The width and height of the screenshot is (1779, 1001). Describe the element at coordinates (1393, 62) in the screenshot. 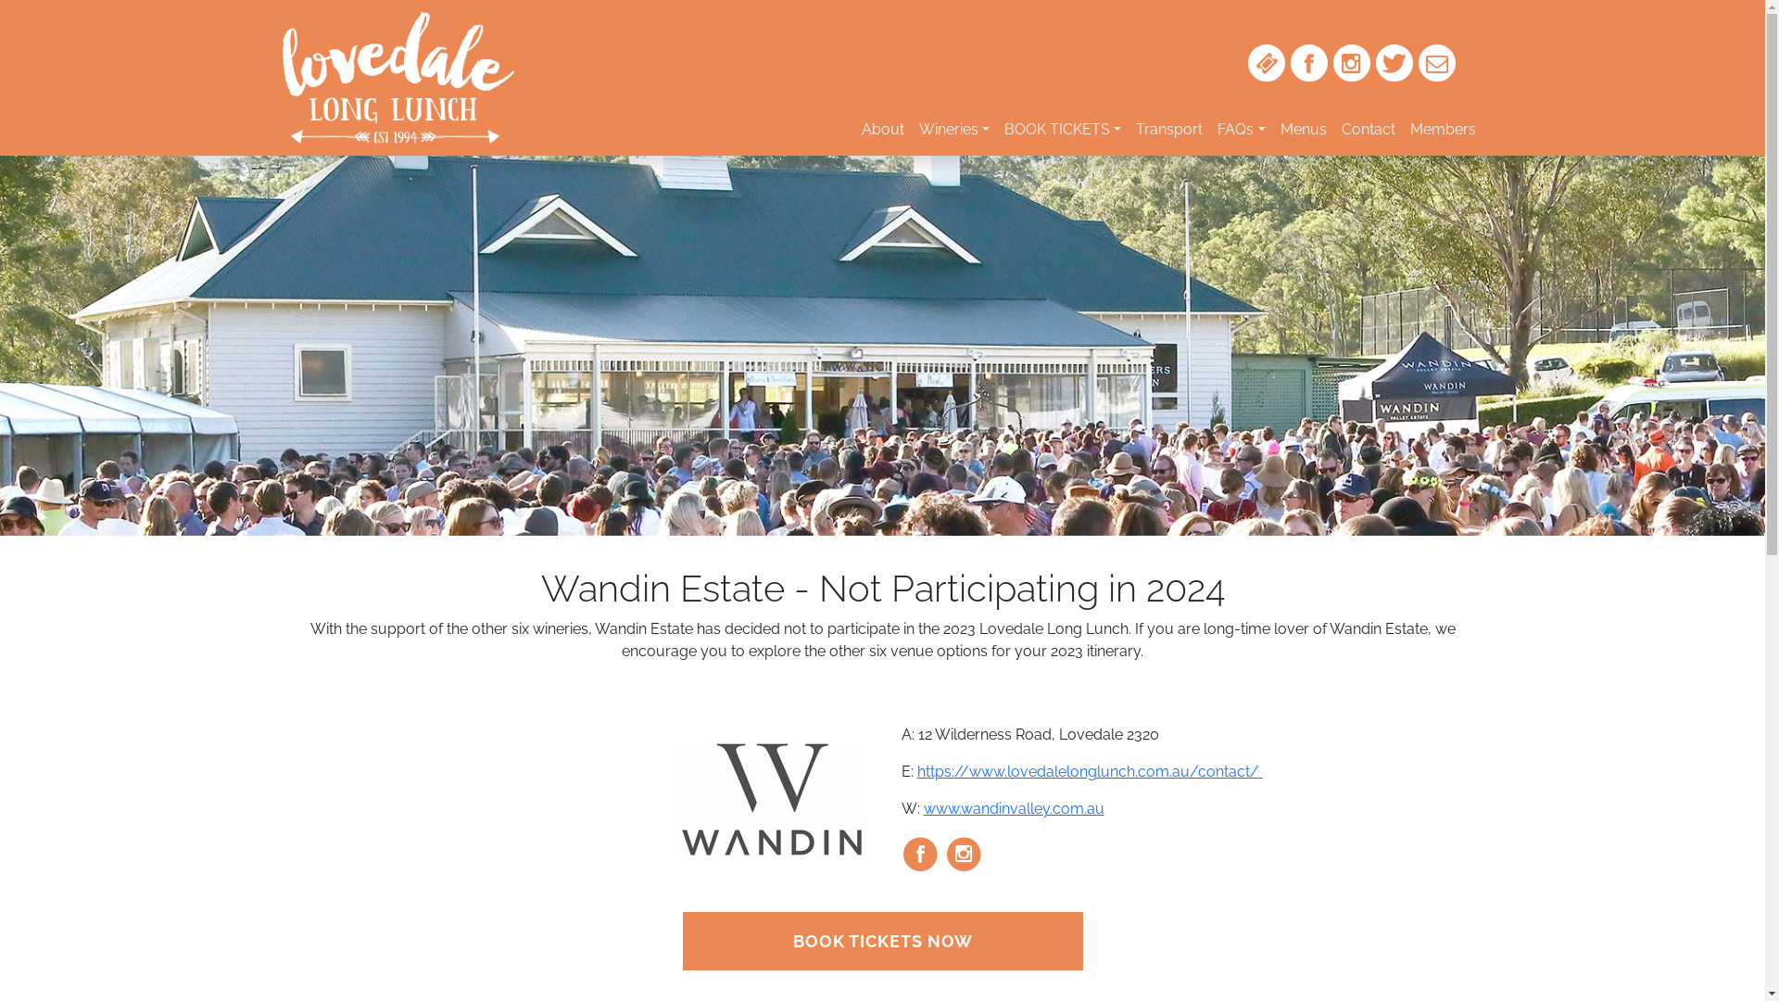

I see `'Follow us on Twitter'` at that location.